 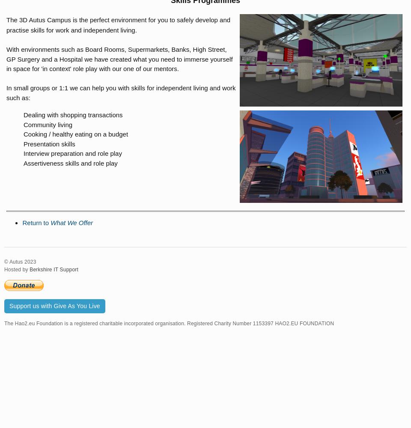 What do you see at coordinates (3, 323) in the screenshot?
I see `'The Hao2.eu Foundation is a registered charitable incorporated organisation. Registered Charity Number 1153397 HAO2.EU FOUNDATION'` at bounding box center [3, 323].